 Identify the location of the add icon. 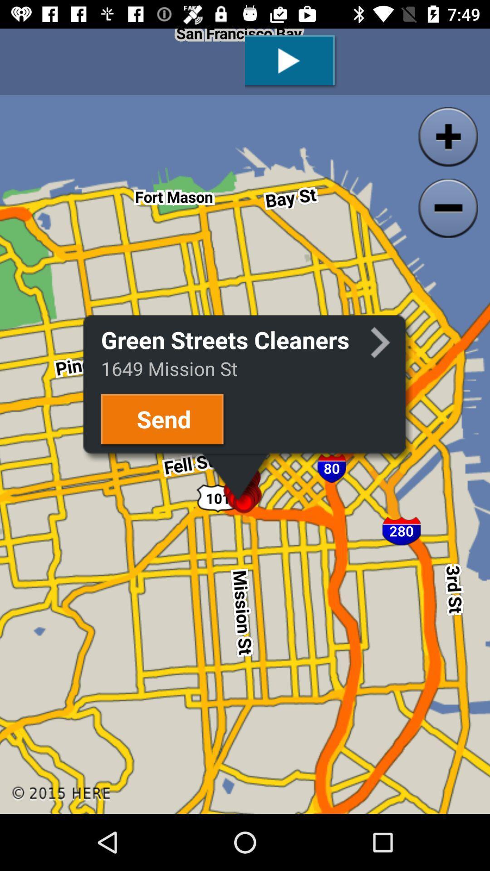
(448, 136).